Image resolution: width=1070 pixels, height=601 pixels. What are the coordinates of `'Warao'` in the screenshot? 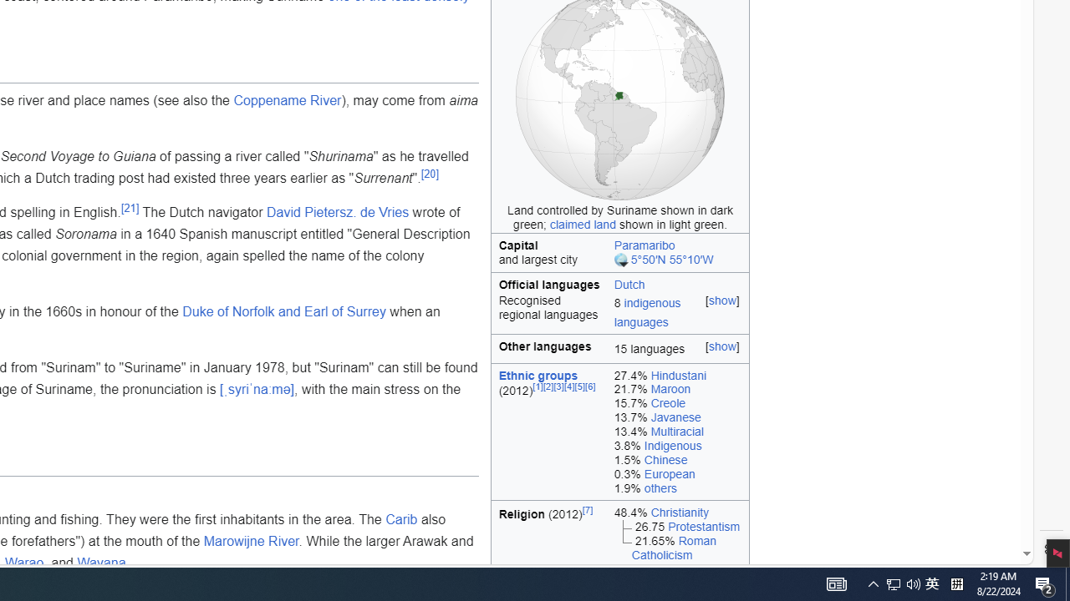 It's located at (23, 563).